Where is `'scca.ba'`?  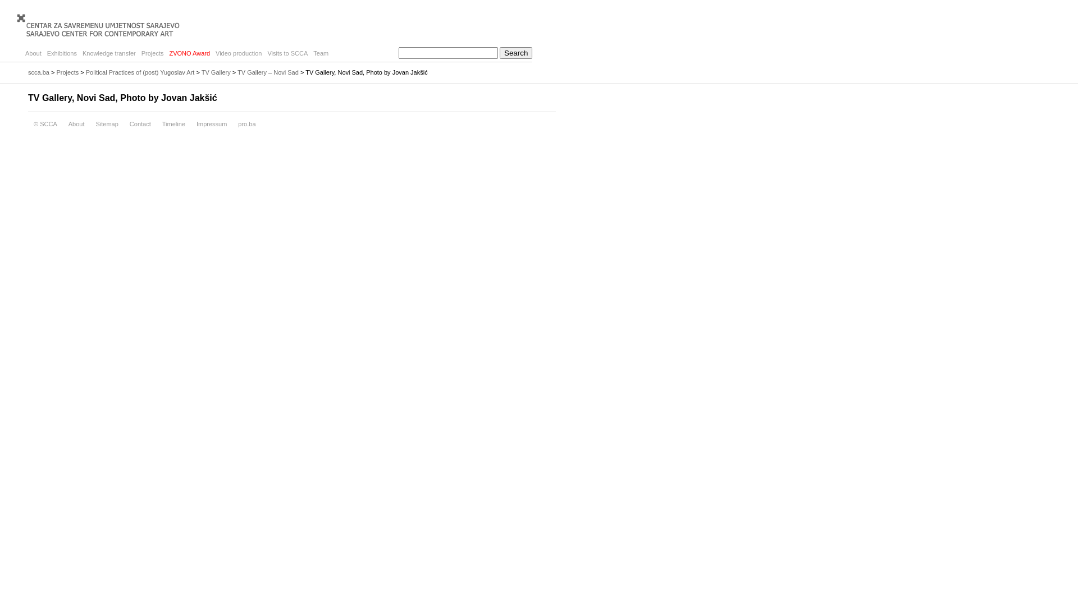 'scca.ba' is located at coordinates (38, 72).